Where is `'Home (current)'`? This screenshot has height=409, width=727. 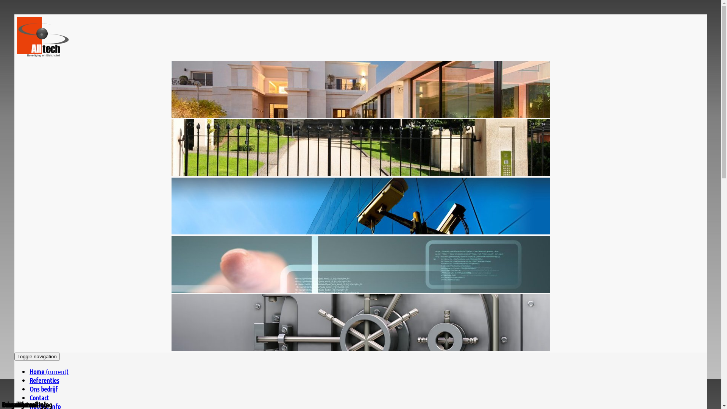
'Home (current)' is located at coordinates (29, 371).